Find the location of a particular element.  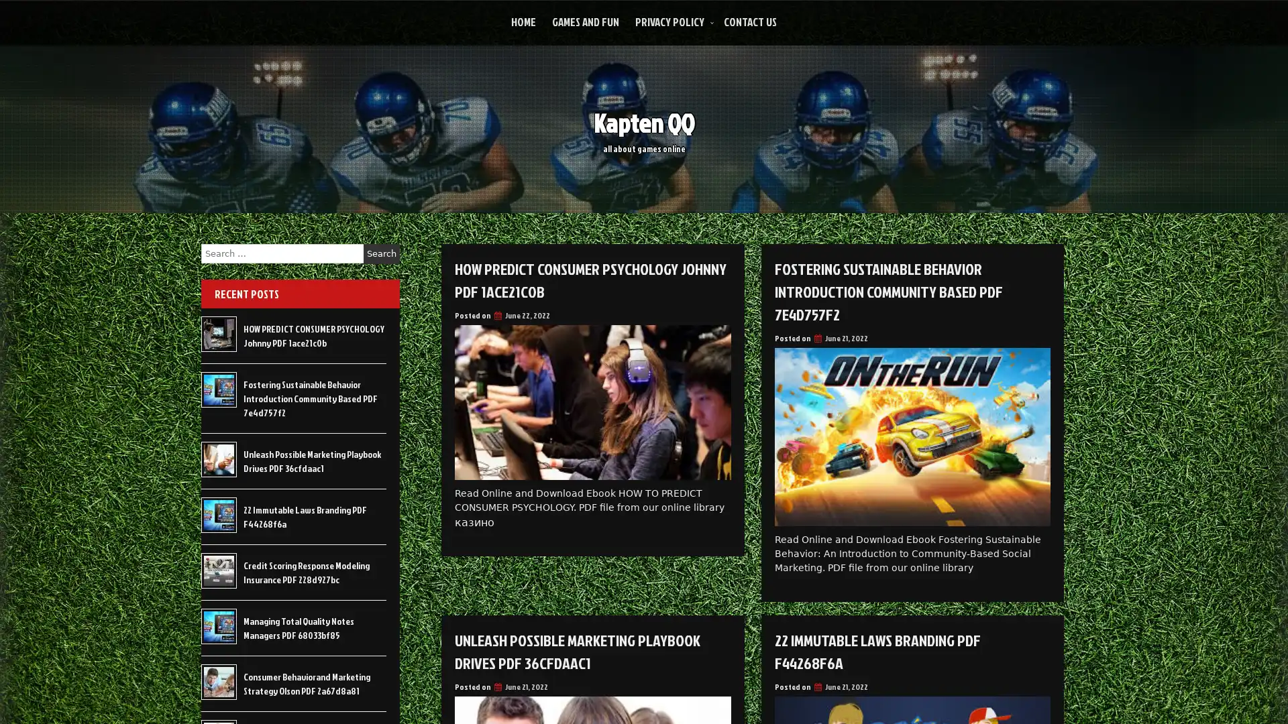

Search is located at coordinates (381, 253).